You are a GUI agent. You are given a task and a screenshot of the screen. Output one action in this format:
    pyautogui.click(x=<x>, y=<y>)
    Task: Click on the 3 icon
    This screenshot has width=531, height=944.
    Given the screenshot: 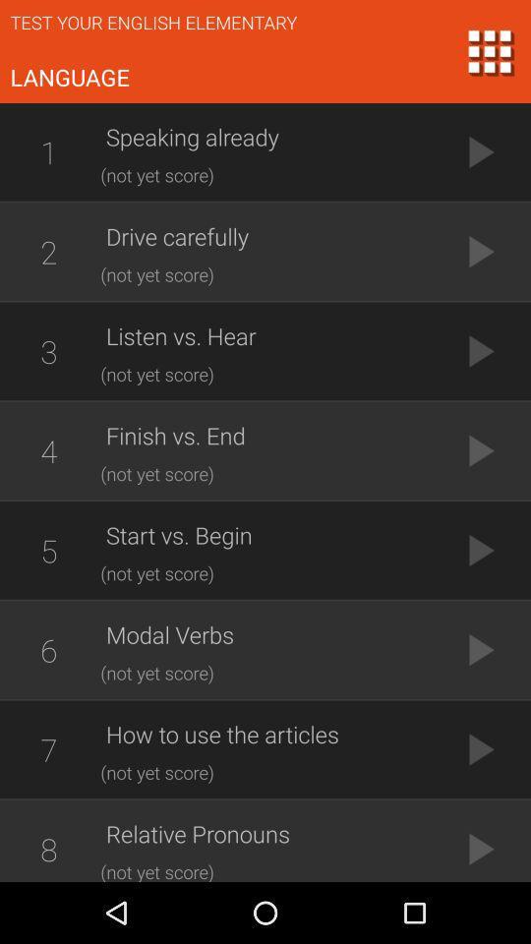 What is the action you would take?
    pyautogui.click(x=48, y=351)
    